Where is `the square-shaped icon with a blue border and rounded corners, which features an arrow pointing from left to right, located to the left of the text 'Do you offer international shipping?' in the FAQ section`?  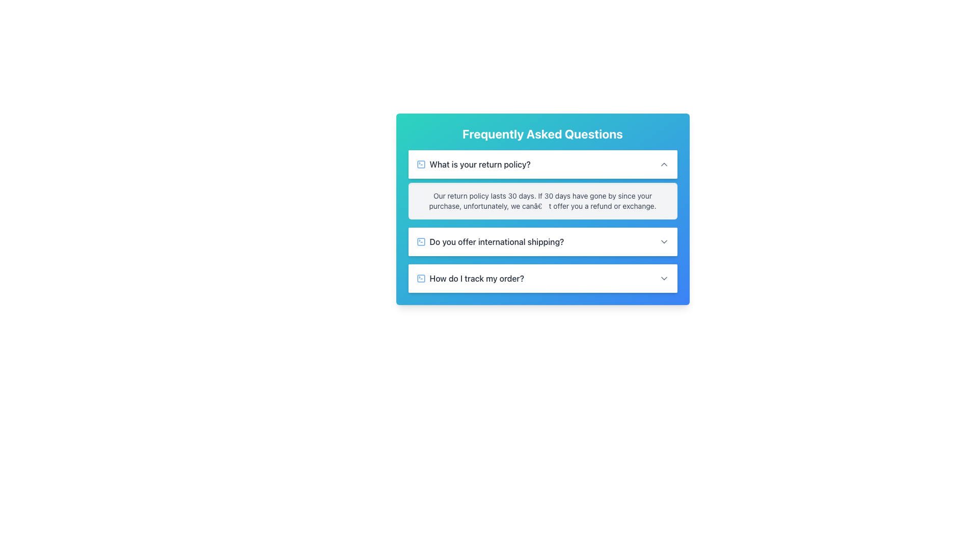
the square-shaped icon with a blue border and rounded corners, which features an arrow pointing from left to right, located to the left of the text 'Do you offer international shipping?' in the FAQ section is located at coordinates (421, 241).